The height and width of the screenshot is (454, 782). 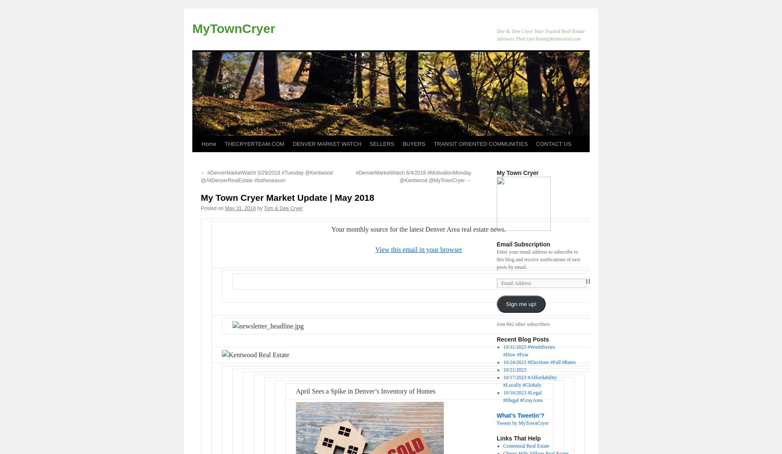 What do you see at coordinates (287, 197) in the screenshot?
I see `'My Town Cryer Market Update | May 2018'` at bounding box center [287, 197].